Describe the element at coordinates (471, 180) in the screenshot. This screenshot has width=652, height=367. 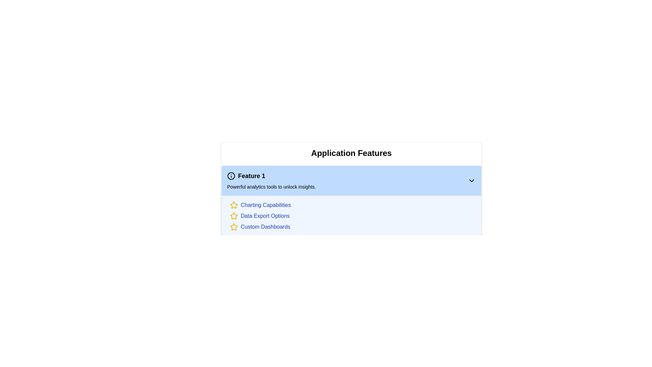
I see `the chevron down icon located in the top-right section of the blue header for 'Feature 1'` at that location.